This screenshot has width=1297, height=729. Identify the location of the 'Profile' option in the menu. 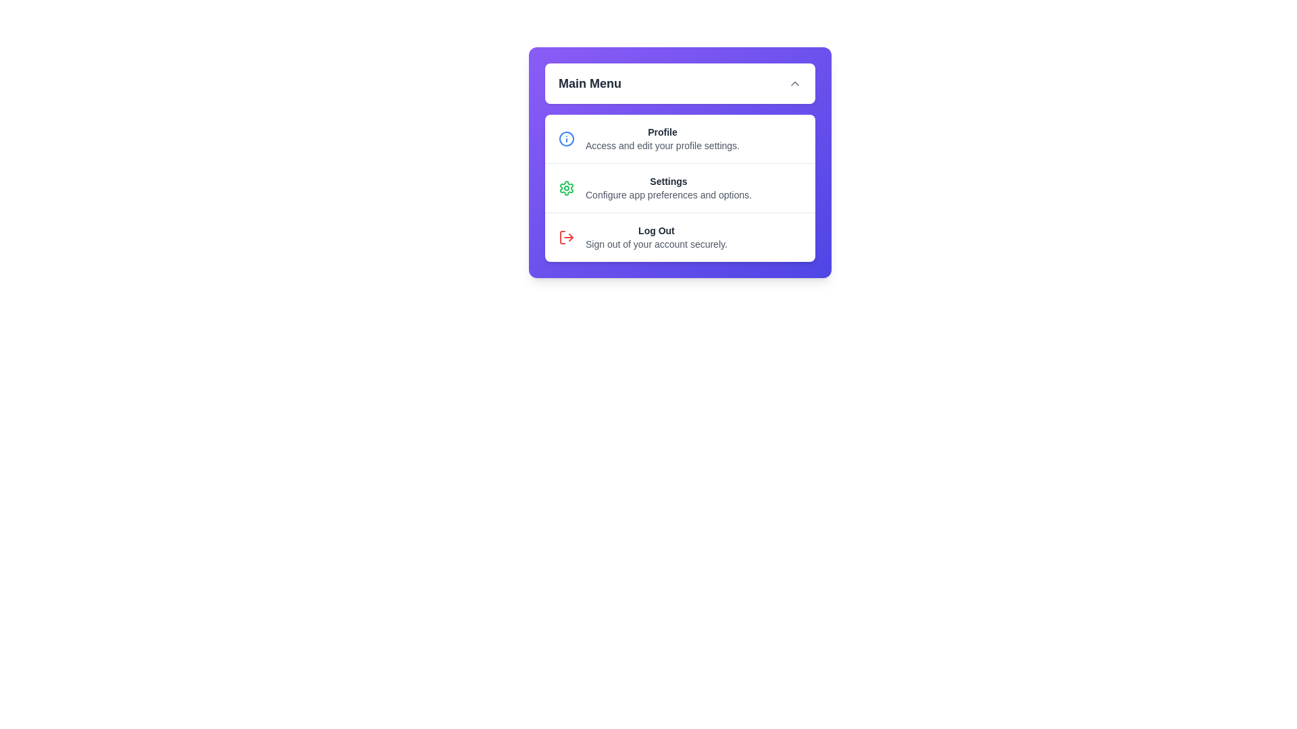
(680, 138).